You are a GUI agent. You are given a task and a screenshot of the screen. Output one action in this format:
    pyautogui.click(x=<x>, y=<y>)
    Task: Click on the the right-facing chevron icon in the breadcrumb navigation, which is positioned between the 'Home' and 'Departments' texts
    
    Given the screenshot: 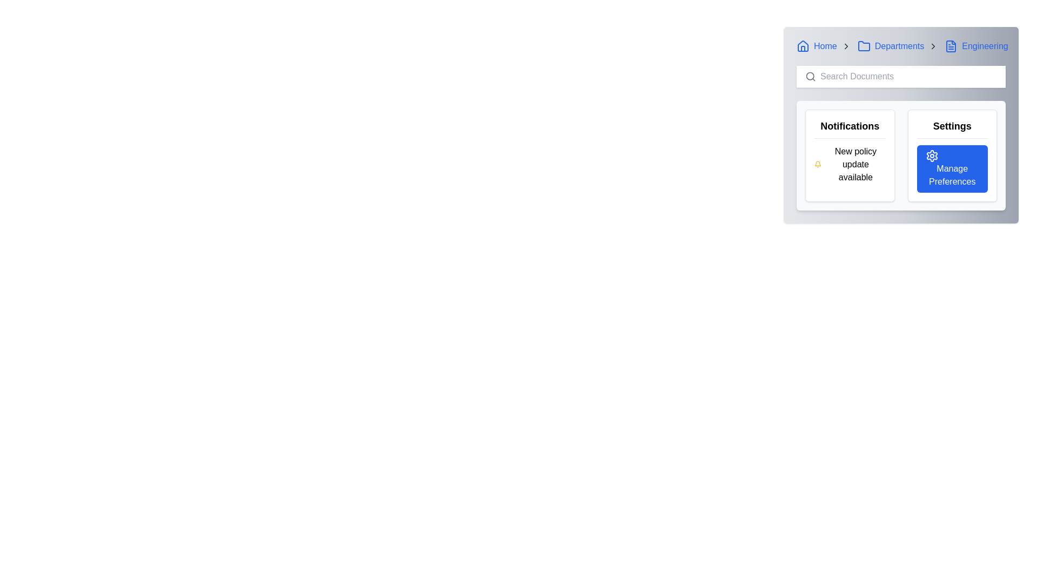 What is the action you would take?
    pyautogui.click(x=845, y=45)
    